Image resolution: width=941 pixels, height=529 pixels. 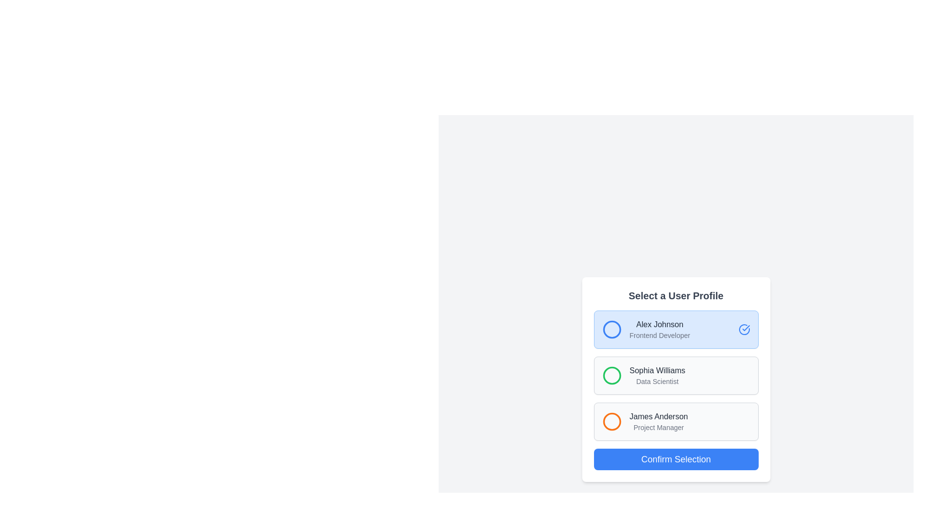 I want to click on the orange outlined circular icon, so click(x=611, y=421).